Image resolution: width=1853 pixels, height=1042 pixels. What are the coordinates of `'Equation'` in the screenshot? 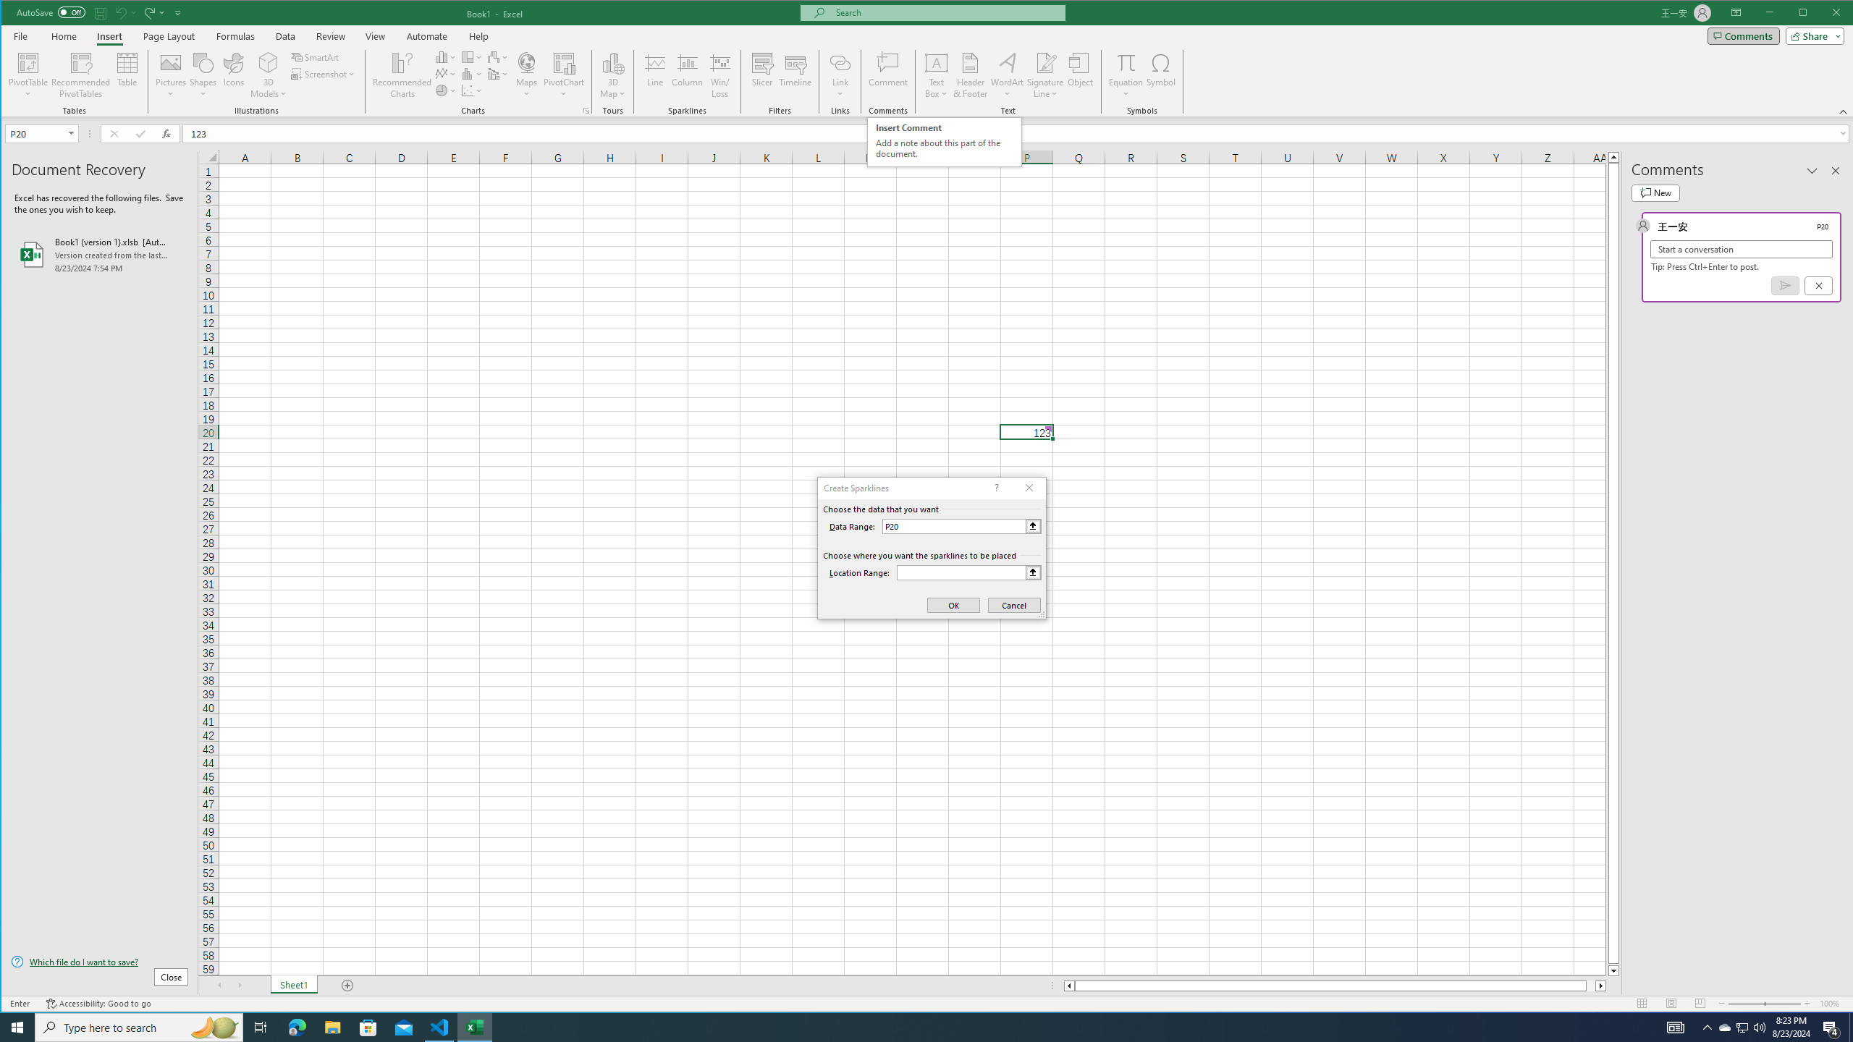 It's located at (1126, 62).